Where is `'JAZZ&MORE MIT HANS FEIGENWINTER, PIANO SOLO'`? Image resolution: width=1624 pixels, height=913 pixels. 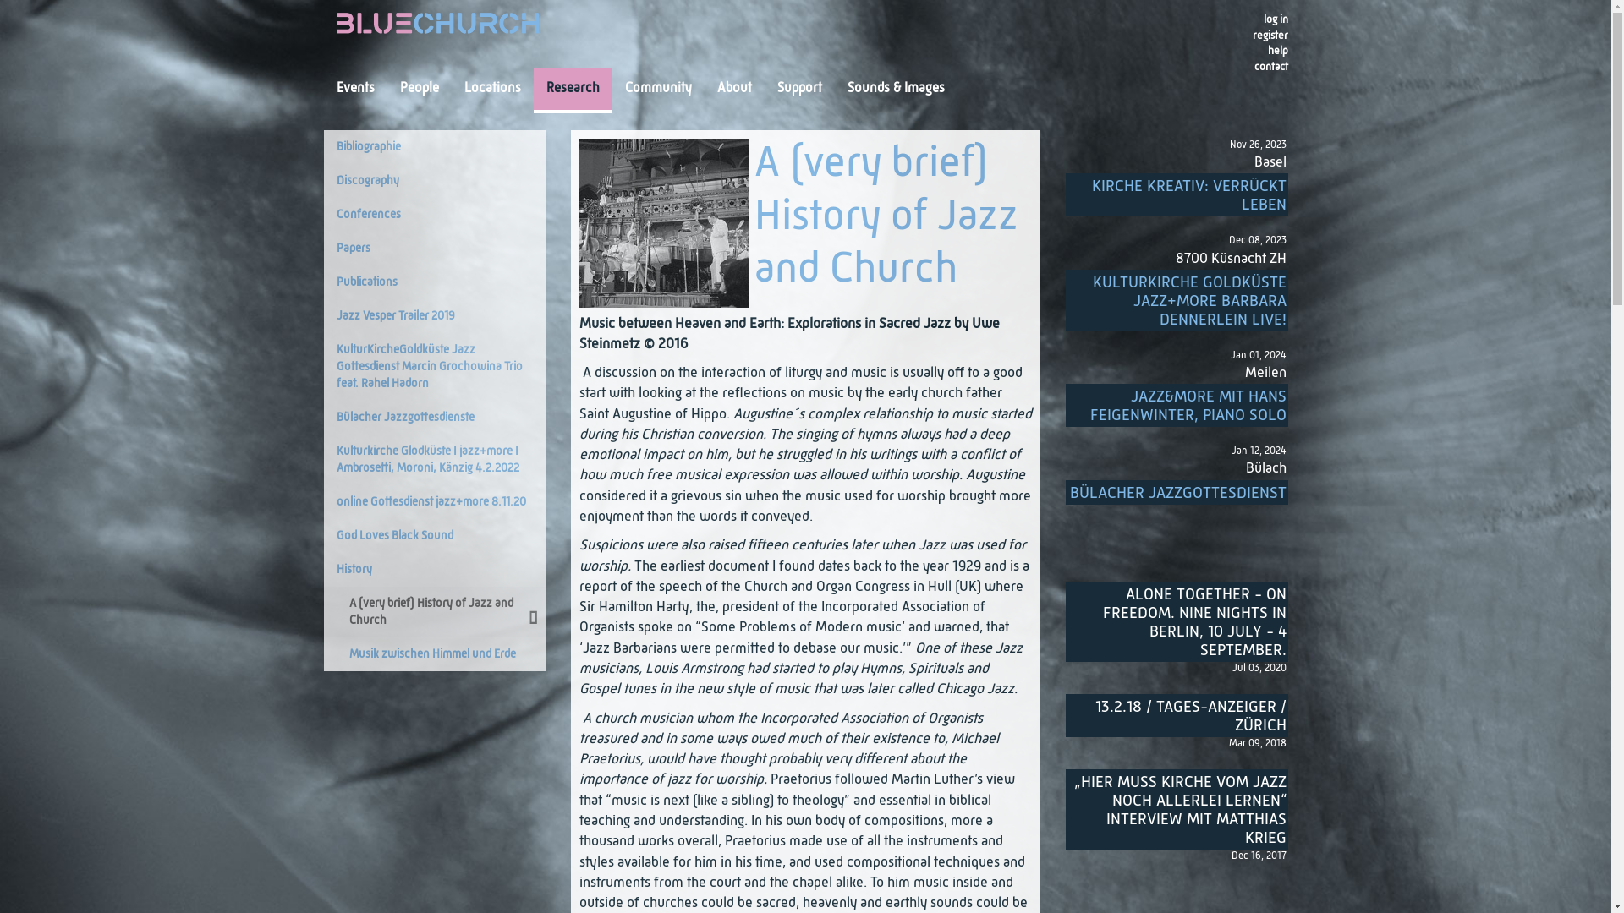 'JAZZ&MORE MIT HANS FEIGENWINTER, PIANO SOLO' is located at coordinates (1176, 405).